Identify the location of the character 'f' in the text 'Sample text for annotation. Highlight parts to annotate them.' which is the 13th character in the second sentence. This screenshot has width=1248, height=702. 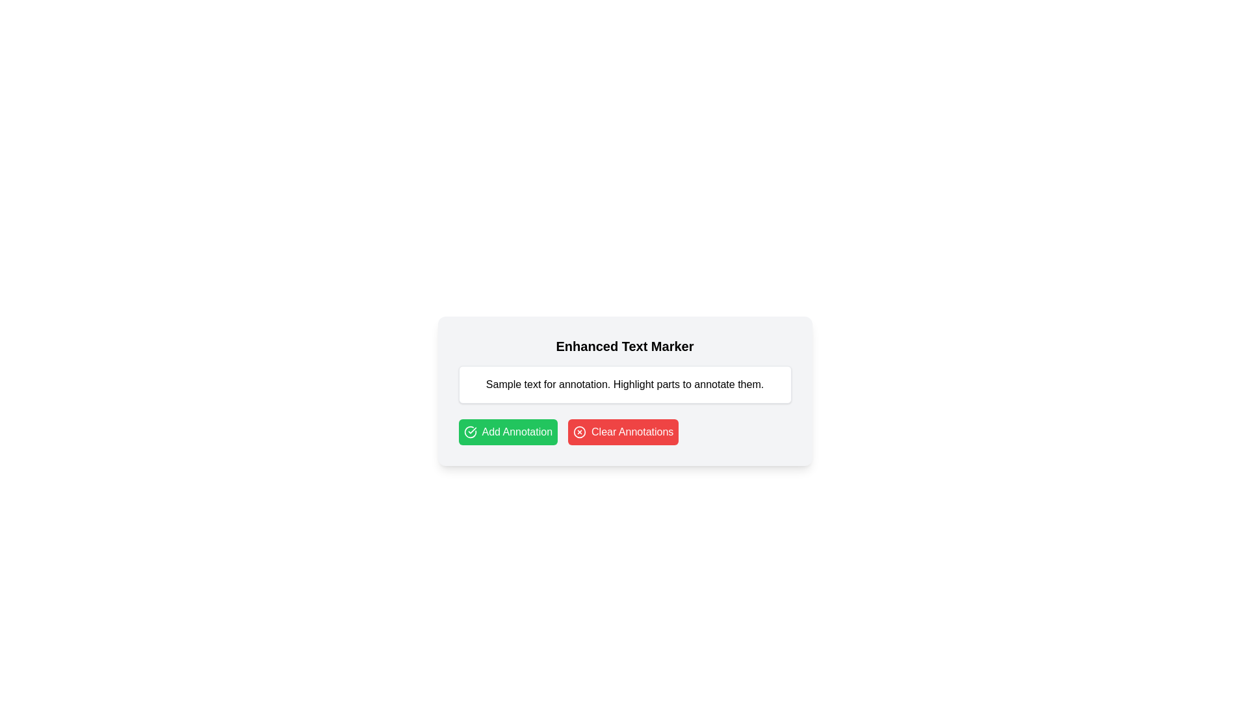
(545, 383).